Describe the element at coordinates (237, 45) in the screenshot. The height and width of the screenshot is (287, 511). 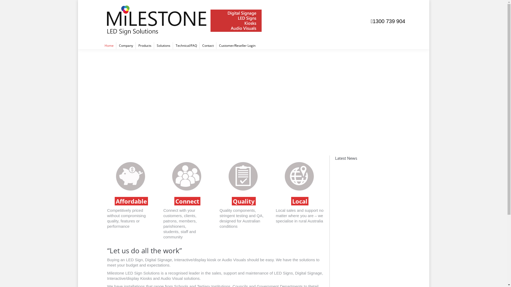
I see `'Customer/Reseller Login'` at that location.